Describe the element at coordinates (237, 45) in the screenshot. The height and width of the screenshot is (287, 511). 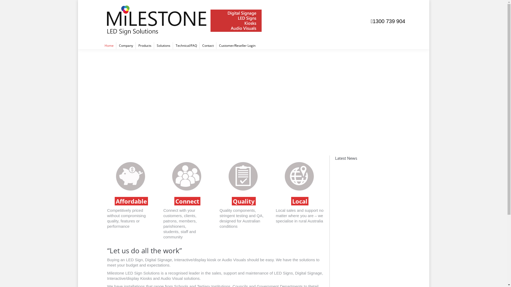
I see `'Customer/Reseller Login'` at that location.